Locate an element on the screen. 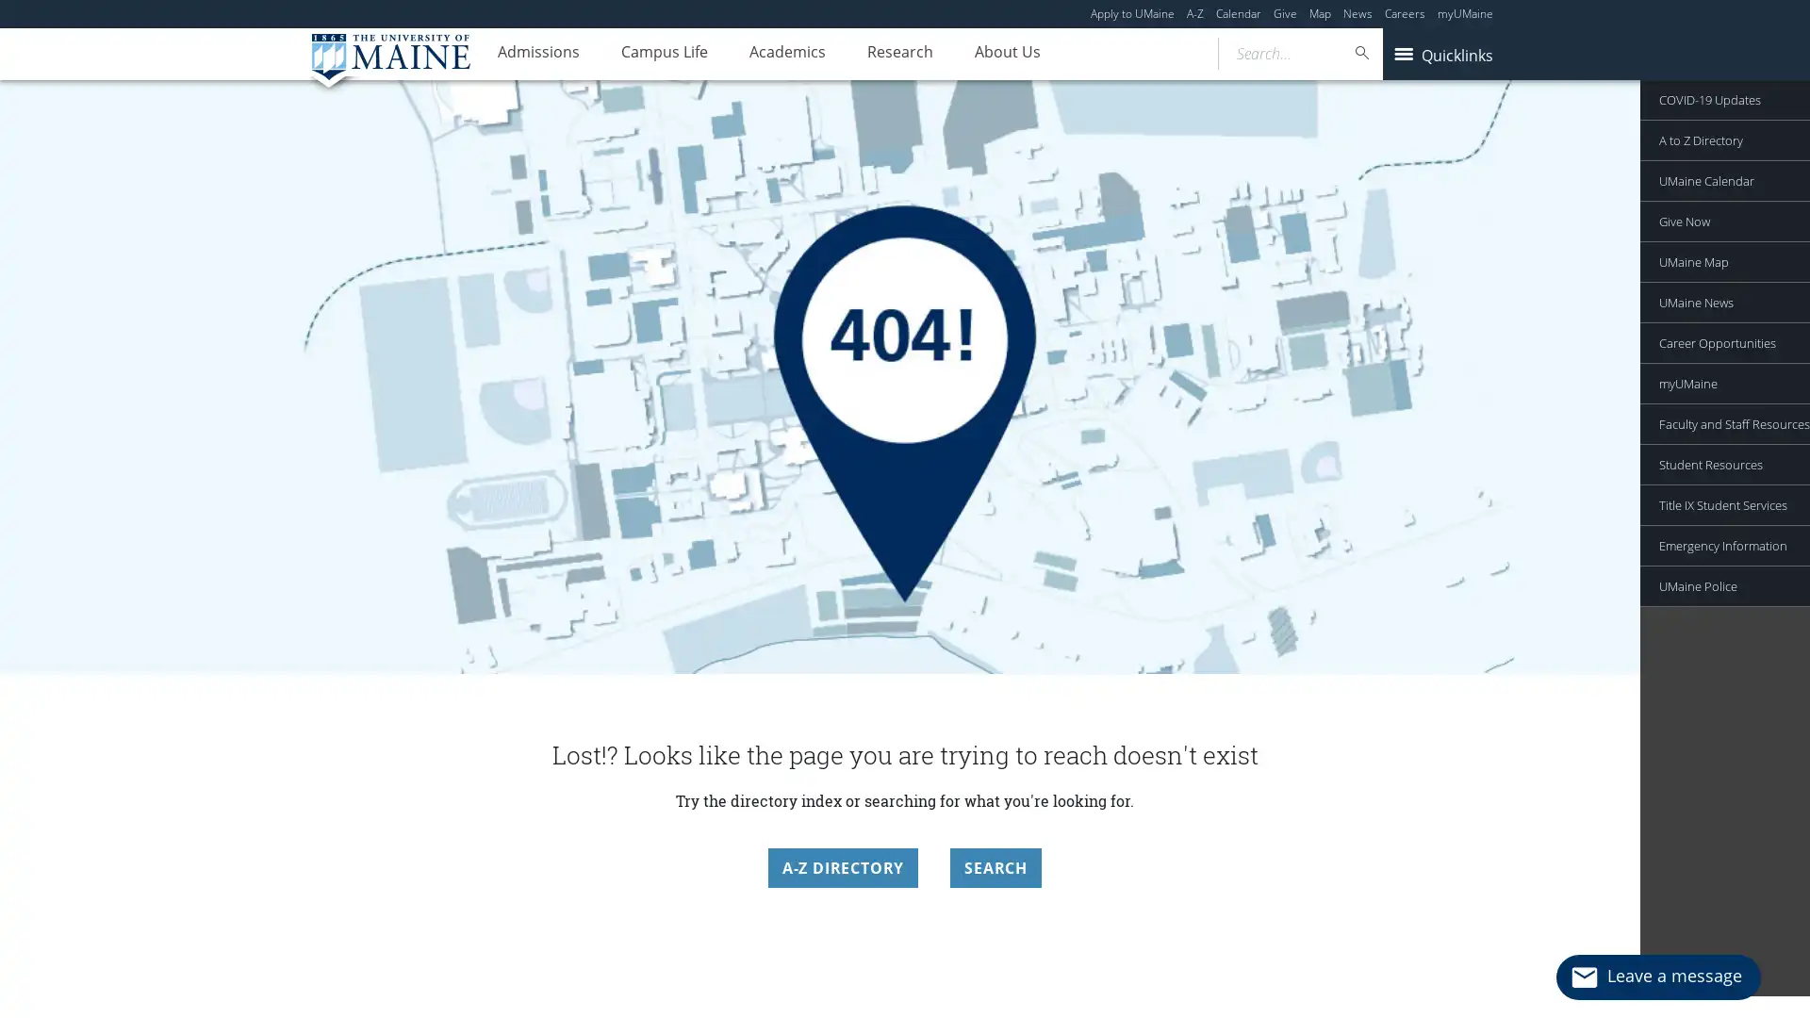 The width and height of the screenshot is (1810, 1018). Quicklinks is located at coordinates (1441, 53).